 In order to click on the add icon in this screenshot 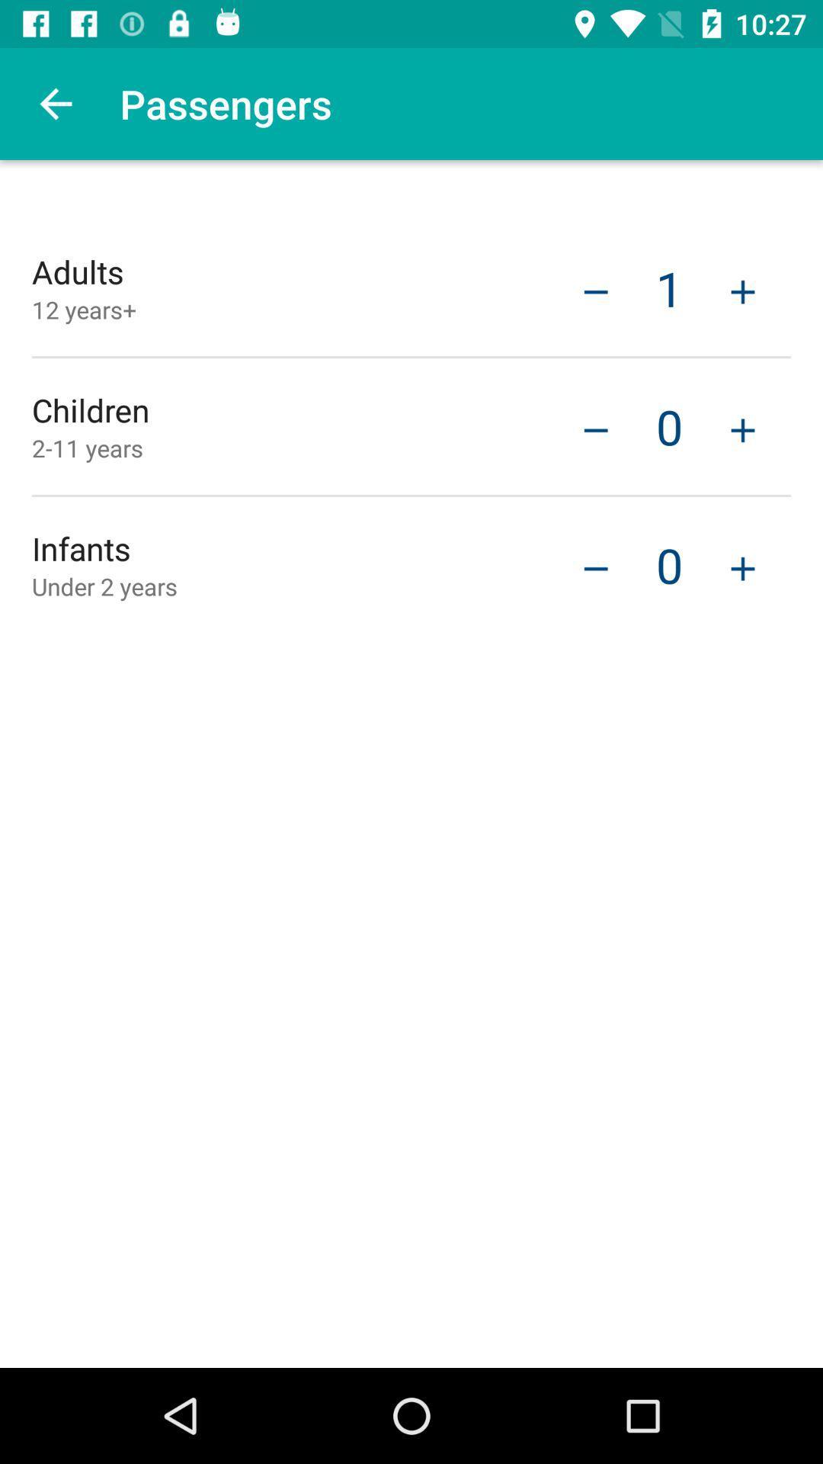, I will do `click(742, 290)`.